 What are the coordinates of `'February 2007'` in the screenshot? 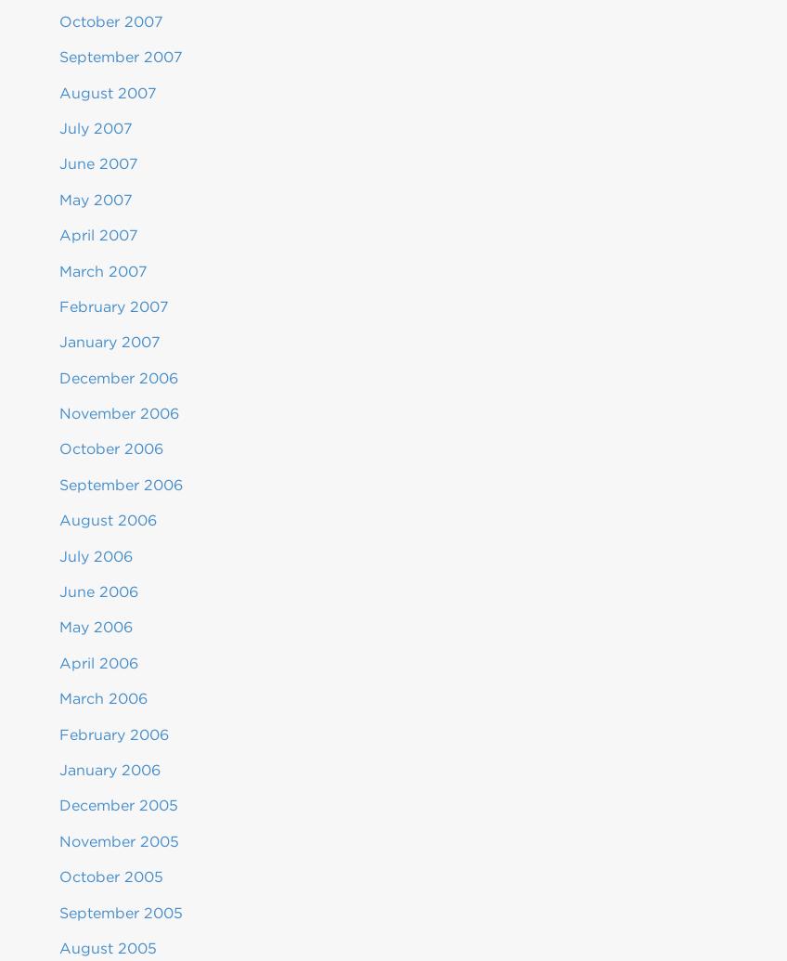 It's located at (112, 305).